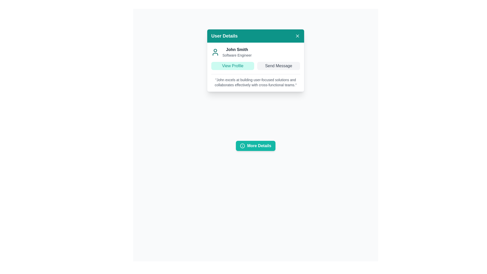 The height and width of the screenshot is (274, 487). I want to click on the close icon located at the top-right corner of the 'User Details' card to dismiss the popup, so click(297, 36).